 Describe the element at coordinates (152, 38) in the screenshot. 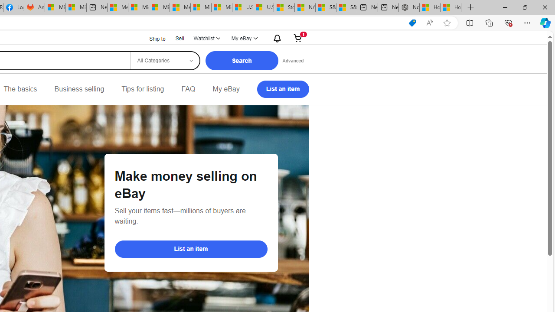

I see `'Ship to'` at that location.